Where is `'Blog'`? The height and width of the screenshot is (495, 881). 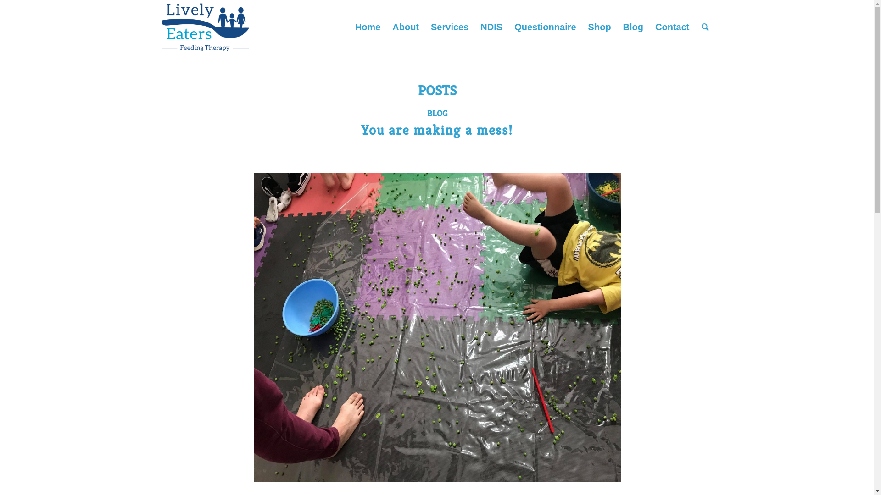 'Blog' is located at coordinates (633, 26).